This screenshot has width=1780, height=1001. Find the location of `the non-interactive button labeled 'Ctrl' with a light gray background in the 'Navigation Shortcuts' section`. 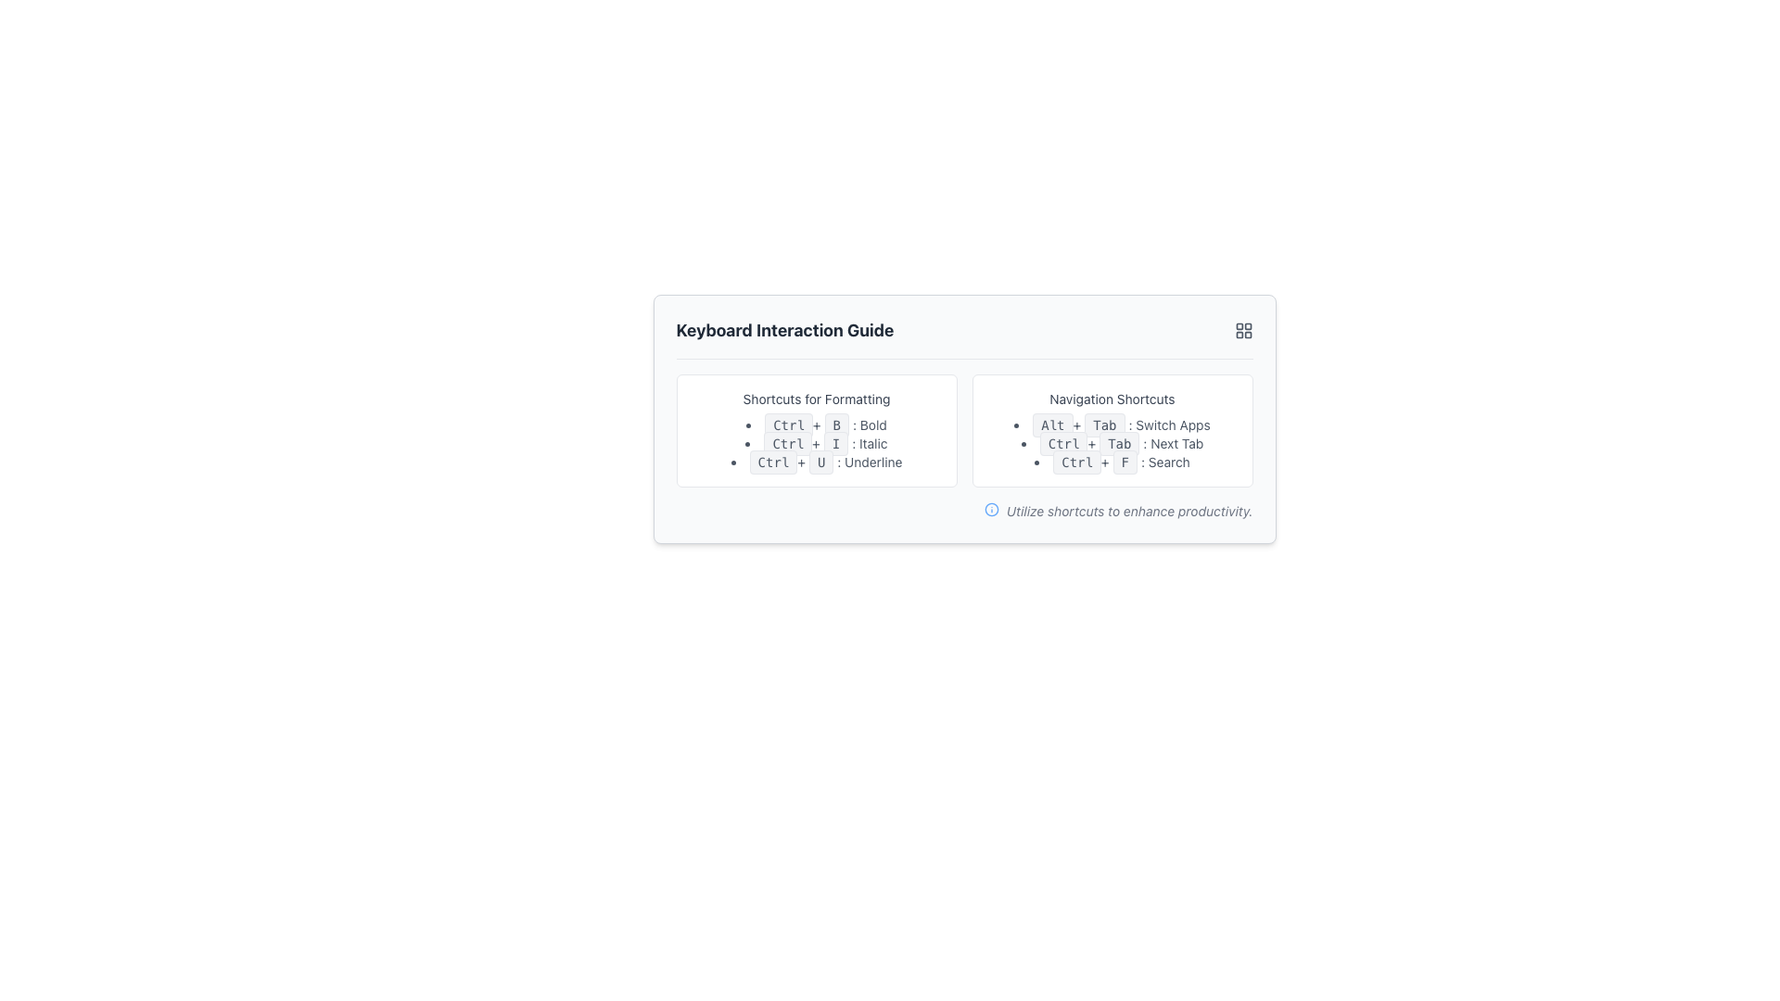

the non-interactive button labeled 'Ctrl' with a light gray background in the 'Navigation Shortcuts' section is located at coordinates (1063, 443).